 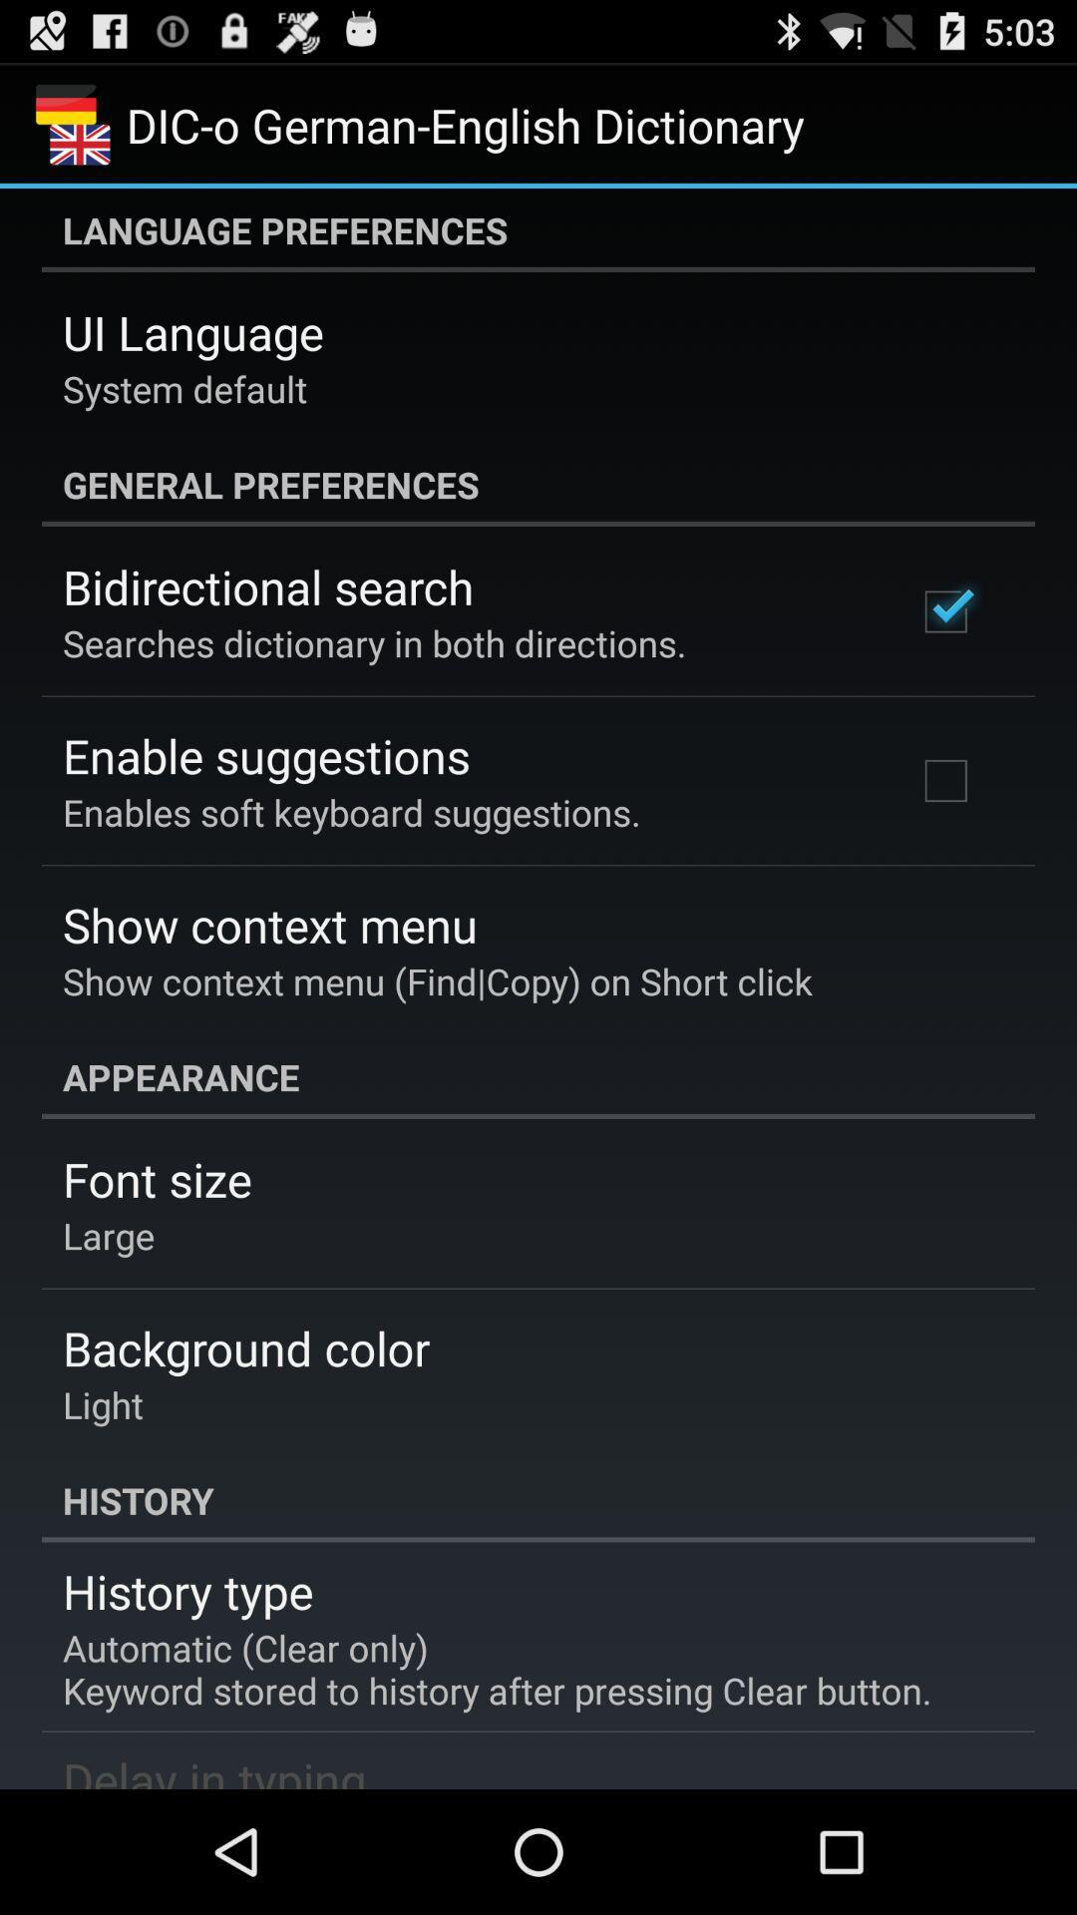 I want to click on the icon above the searches dictionary in item, so click(x=267, y=585).